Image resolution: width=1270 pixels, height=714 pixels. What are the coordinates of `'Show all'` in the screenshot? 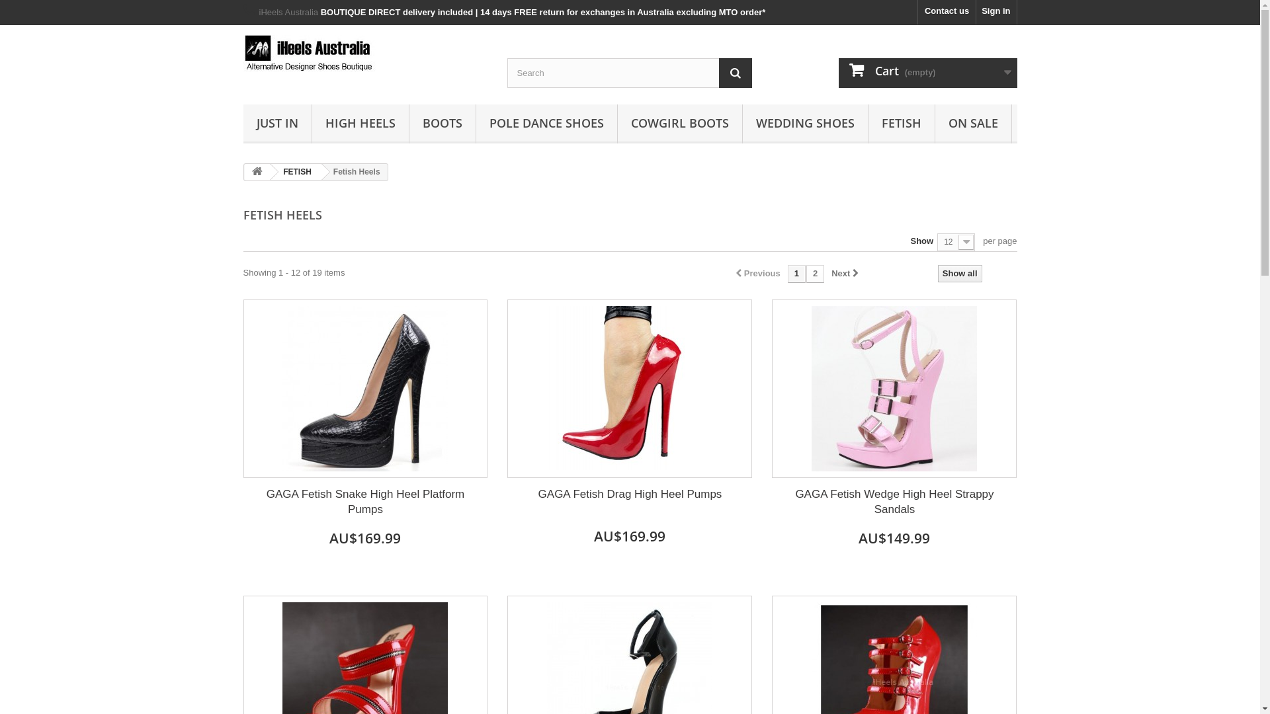 It's located at (960, 272).